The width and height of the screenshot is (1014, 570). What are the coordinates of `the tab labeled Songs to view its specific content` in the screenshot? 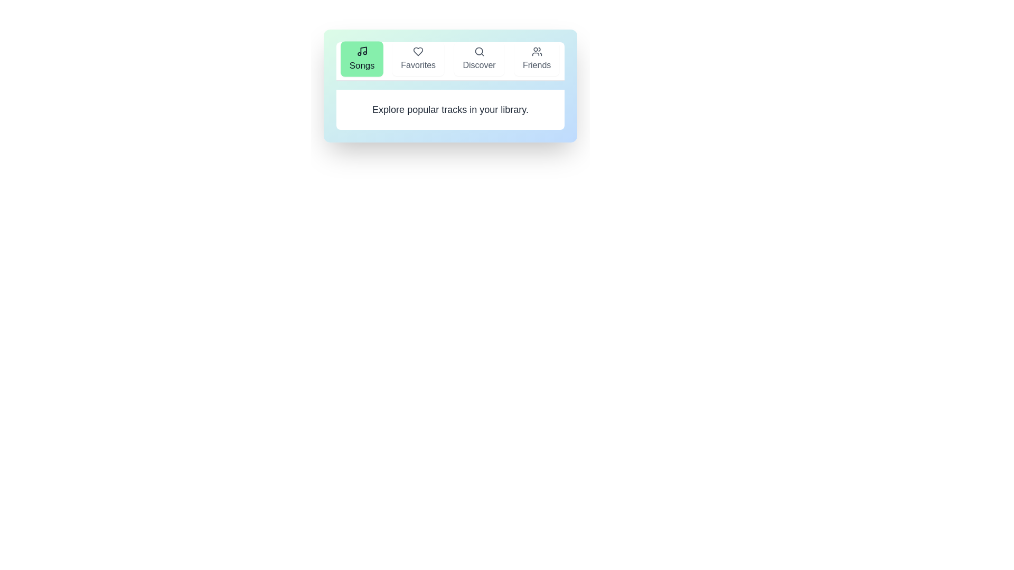 It's located at (362, 59).